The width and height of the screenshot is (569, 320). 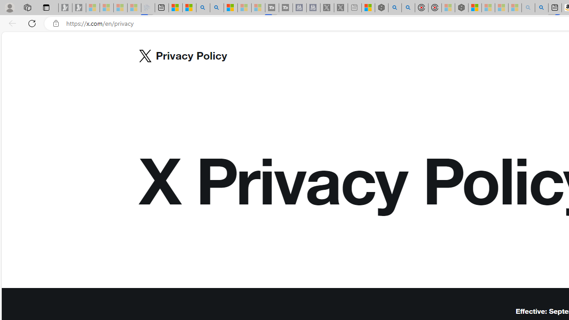 What do you see at coordinates (162, 8) in the screenshot?
I see `'New tab'` at bounding box center [162, 8].